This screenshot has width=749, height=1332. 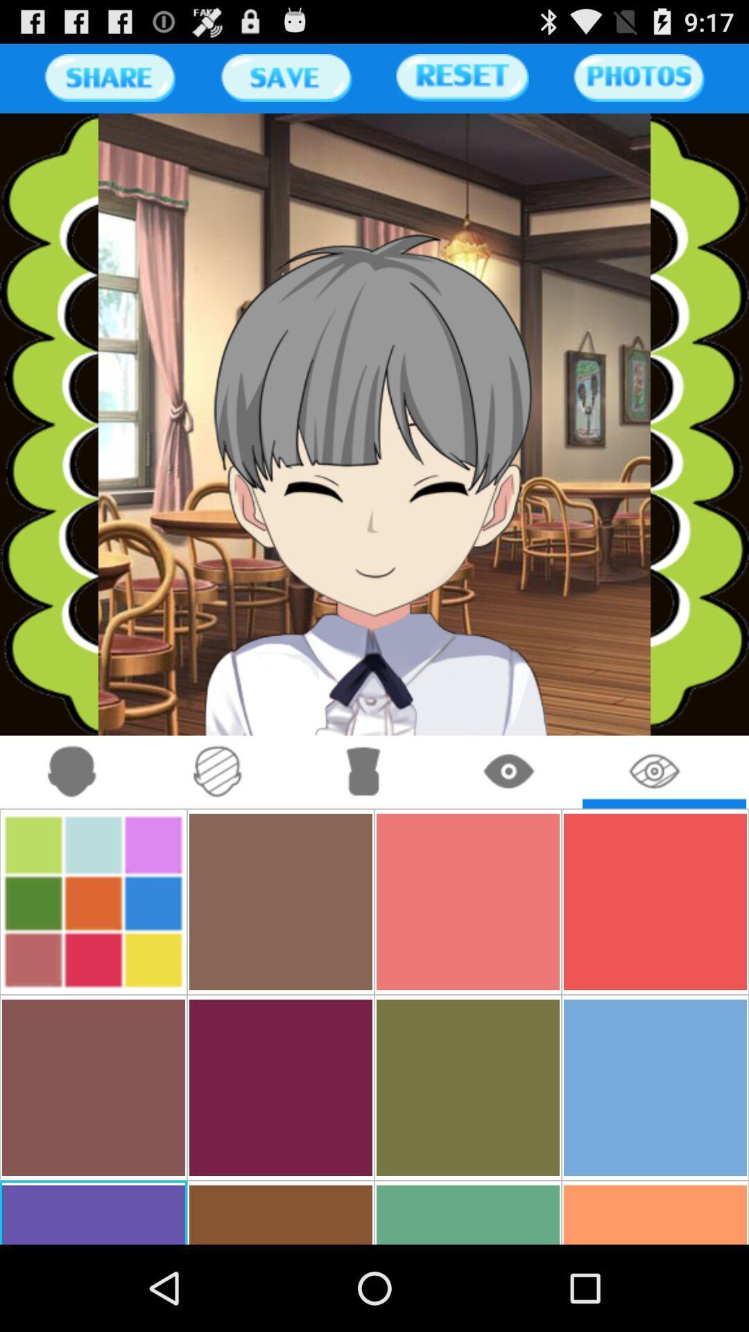 What do you see at coordinates (363, 771) in the screenshot?
I see `change clothing on the avatar` at bounding box center [363, 771].